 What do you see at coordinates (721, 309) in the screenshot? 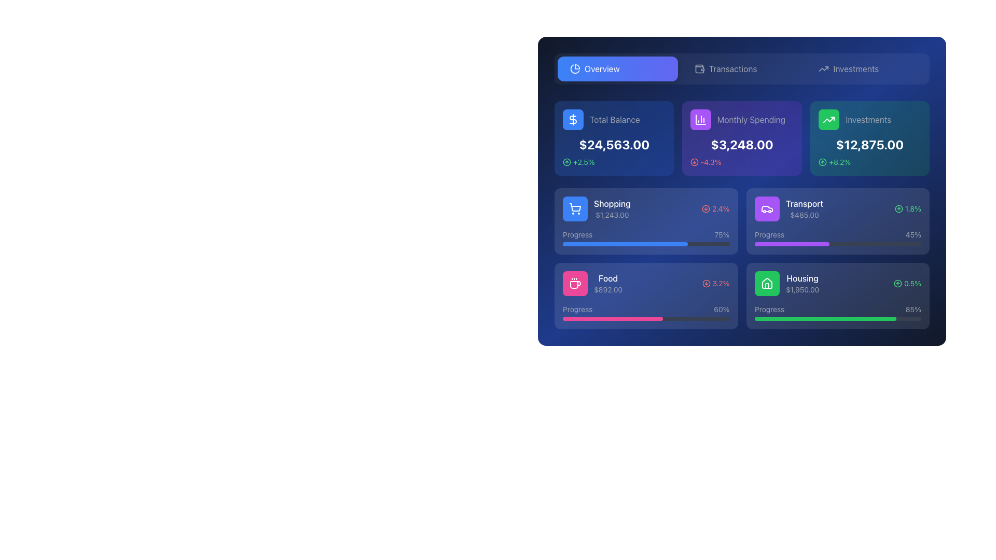
I see `the progress percentage label in the 'Food' category, positioned at the bottom-right of the 'Food' card` at bounding box center [721, 309].